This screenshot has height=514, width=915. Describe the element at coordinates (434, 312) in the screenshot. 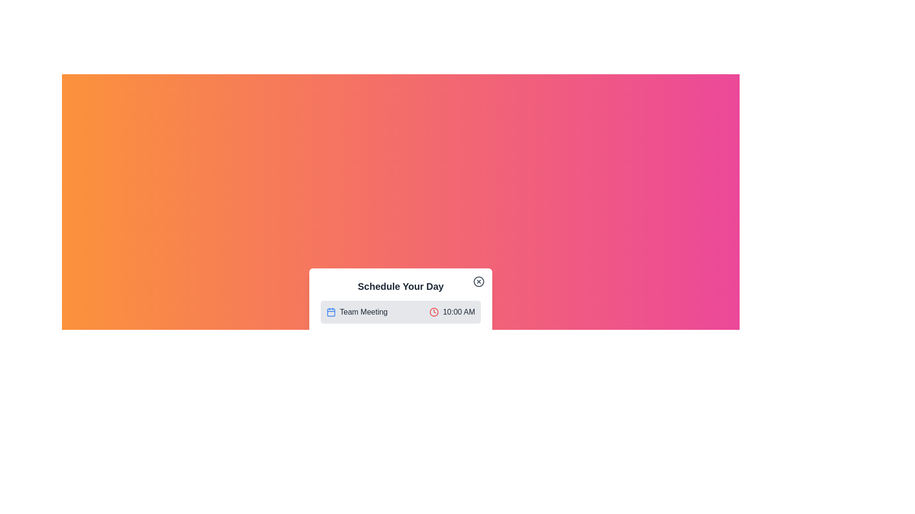

I see `the circular background of the clock icon located to the right of the 'Team Meeting' label and to the left of the '10:00 AM' text` at that location.